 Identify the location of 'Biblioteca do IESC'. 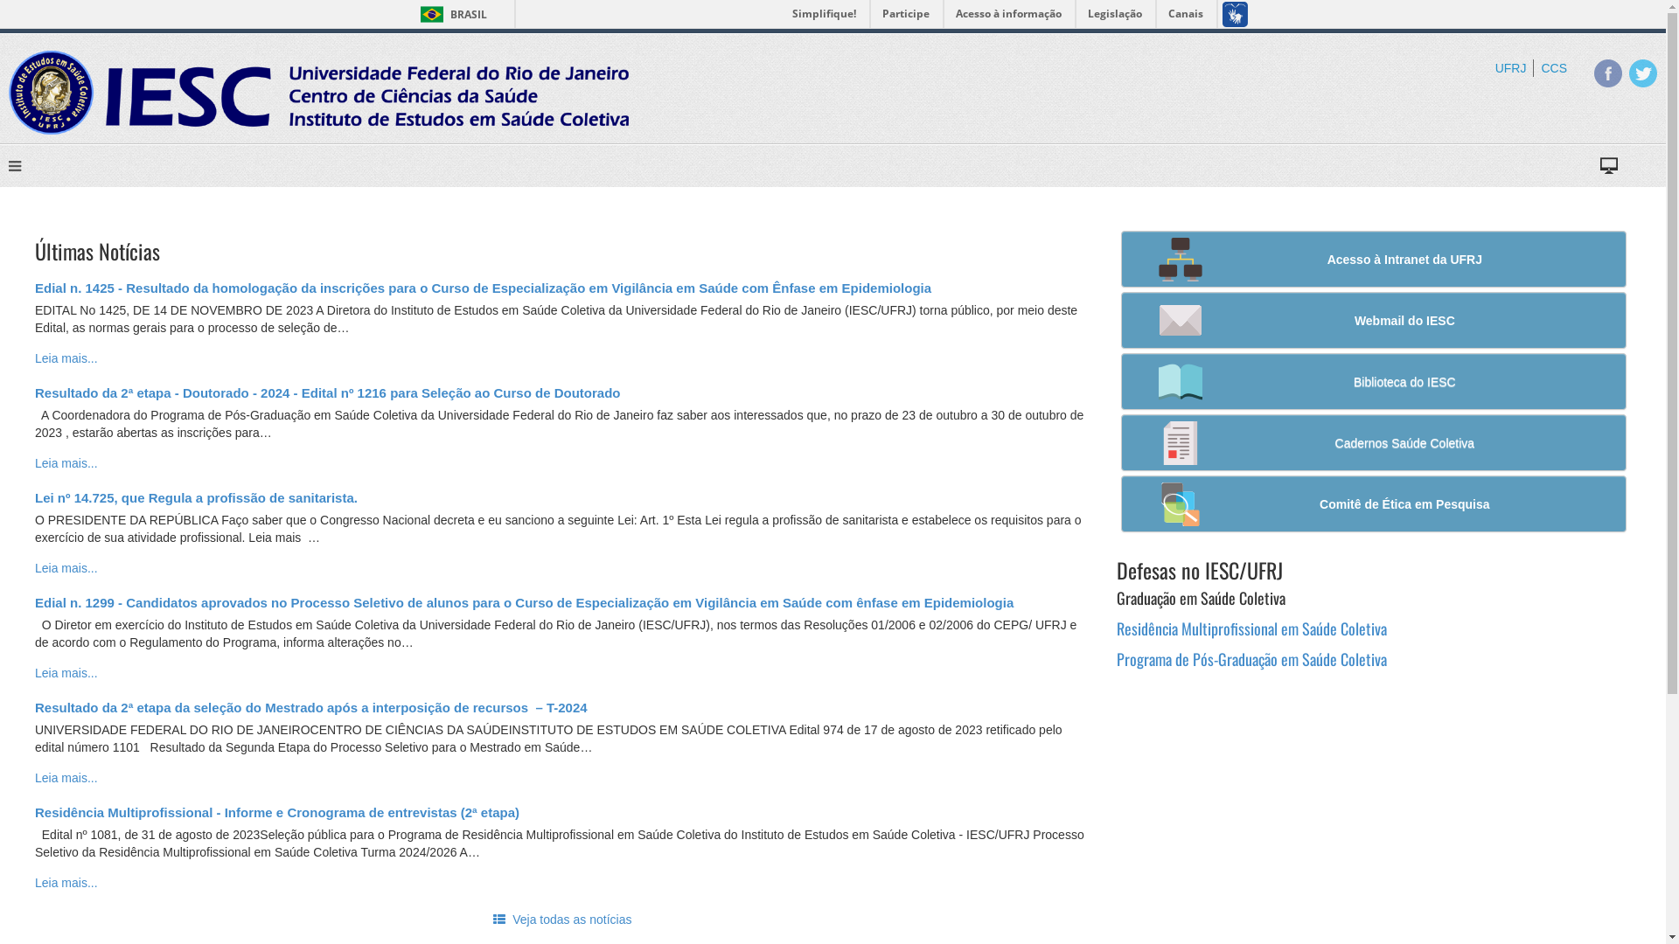
(1372, 380).